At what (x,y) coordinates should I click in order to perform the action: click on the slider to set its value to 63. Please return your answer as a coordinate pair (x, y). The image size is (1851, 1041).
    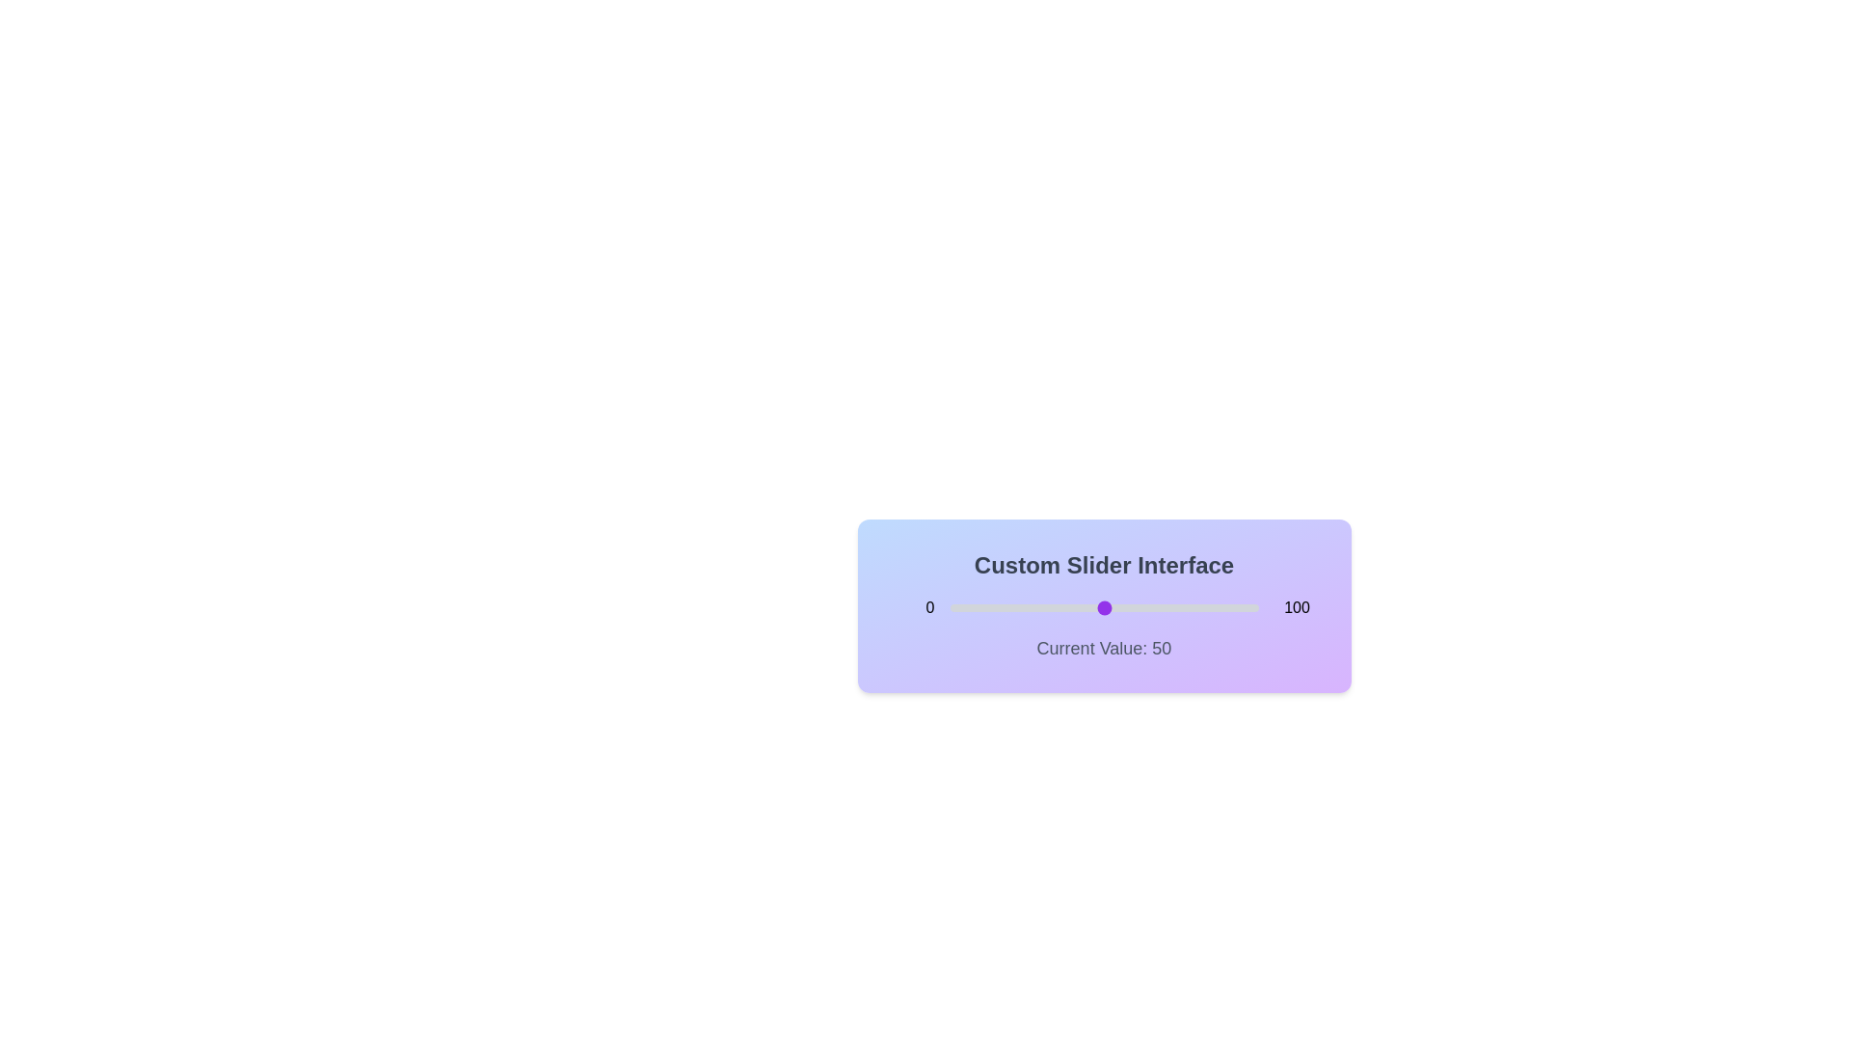
    Looking at the image, I should click on (1144, 608).